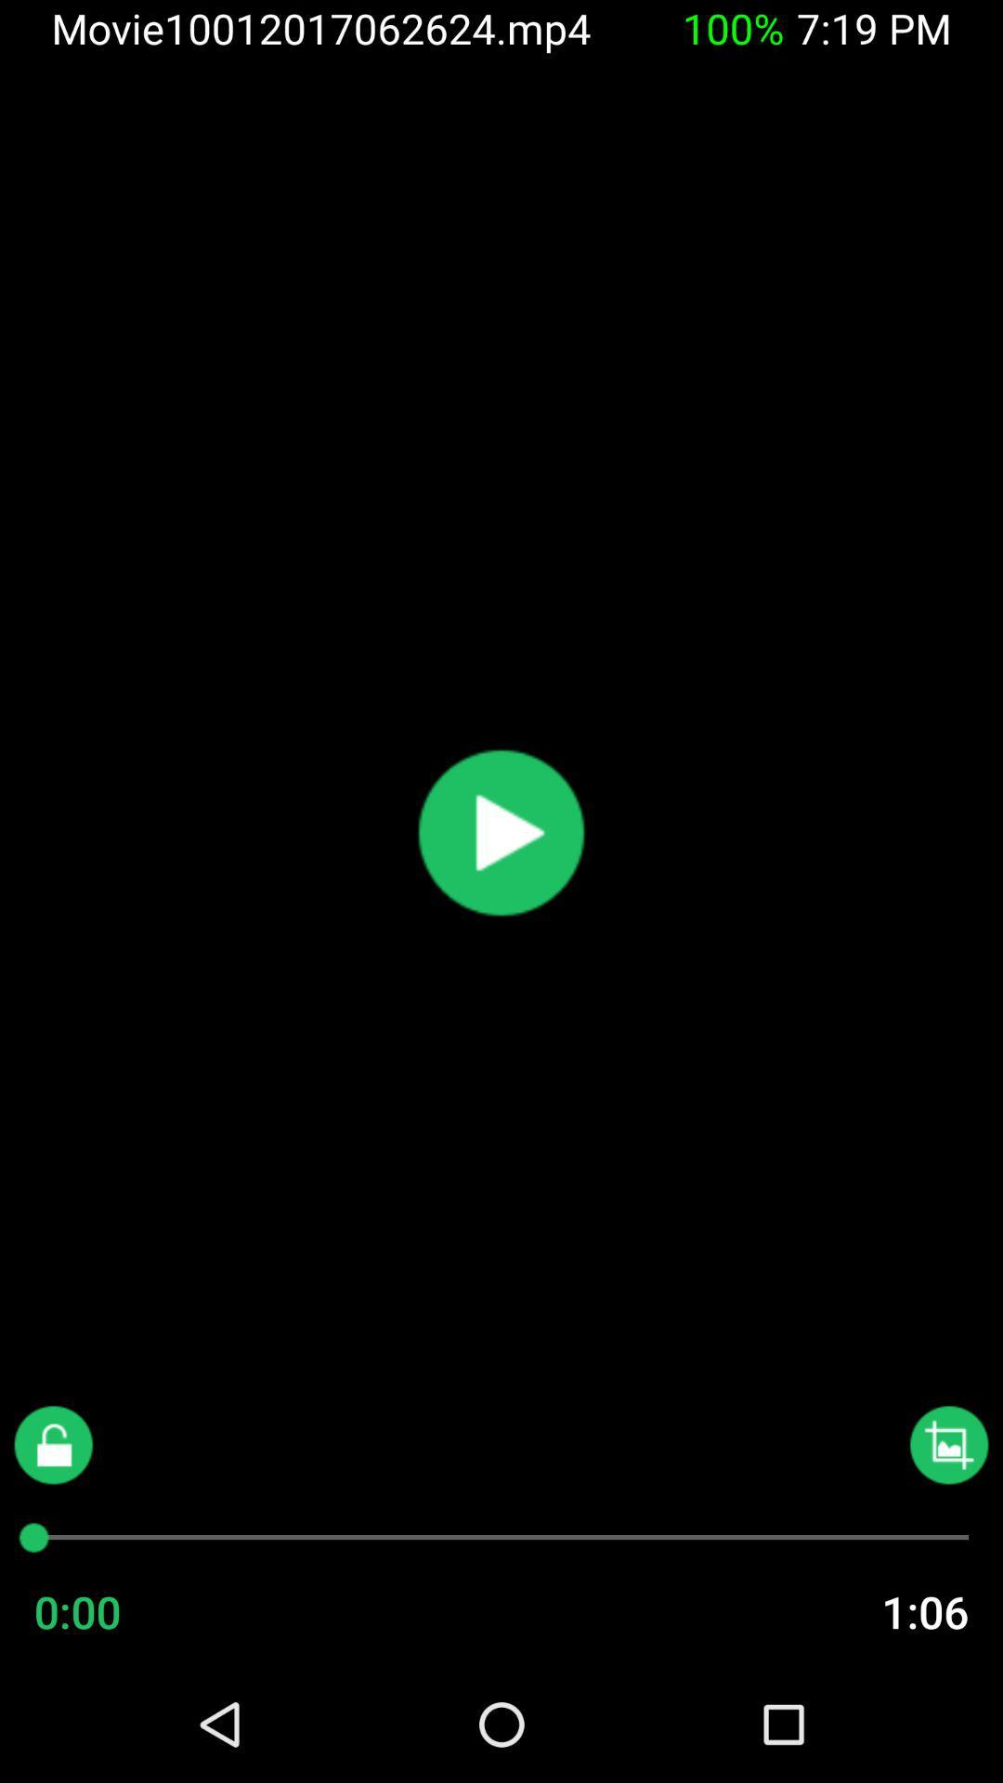 The height and width of the screenshot is (1783, 1003). I want to click on image, so click(949, 1444).